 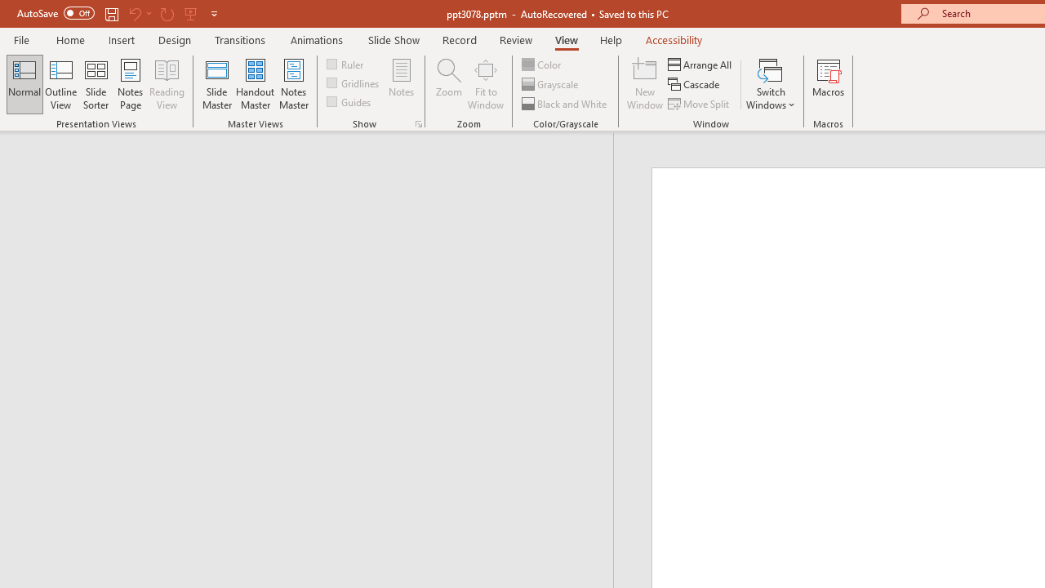 I want to click on 'Ruler', so click(x=345, y=63).